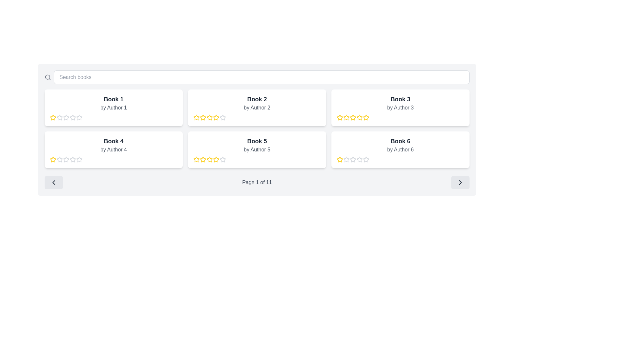  What do you see at coordinates (400, 107) in the screenshot?
I see `text content of the label displaying 'by Author 3', which is styled in a light gray font and positioned beneath the title 'Book 3' in the second column of the grid` at bounding box center [400, 107].